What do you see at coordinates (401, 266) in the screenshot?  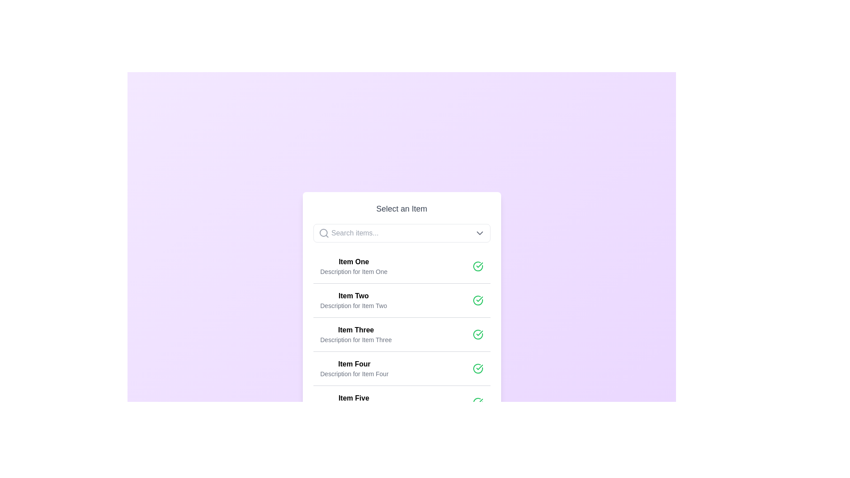 I see `the first list item titled 'Item One'` at bounding box center [401, 266].